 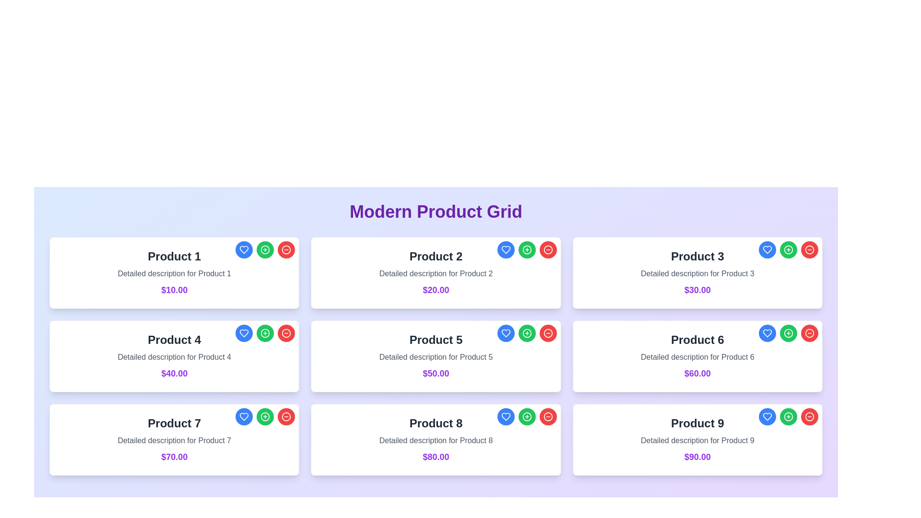 What do you see at coordinates (766, 249) in the screenshot?
I see `the leftmost favorite button in the top-right corner of the card for 'Product 3'` at bounding box center [766, 249].